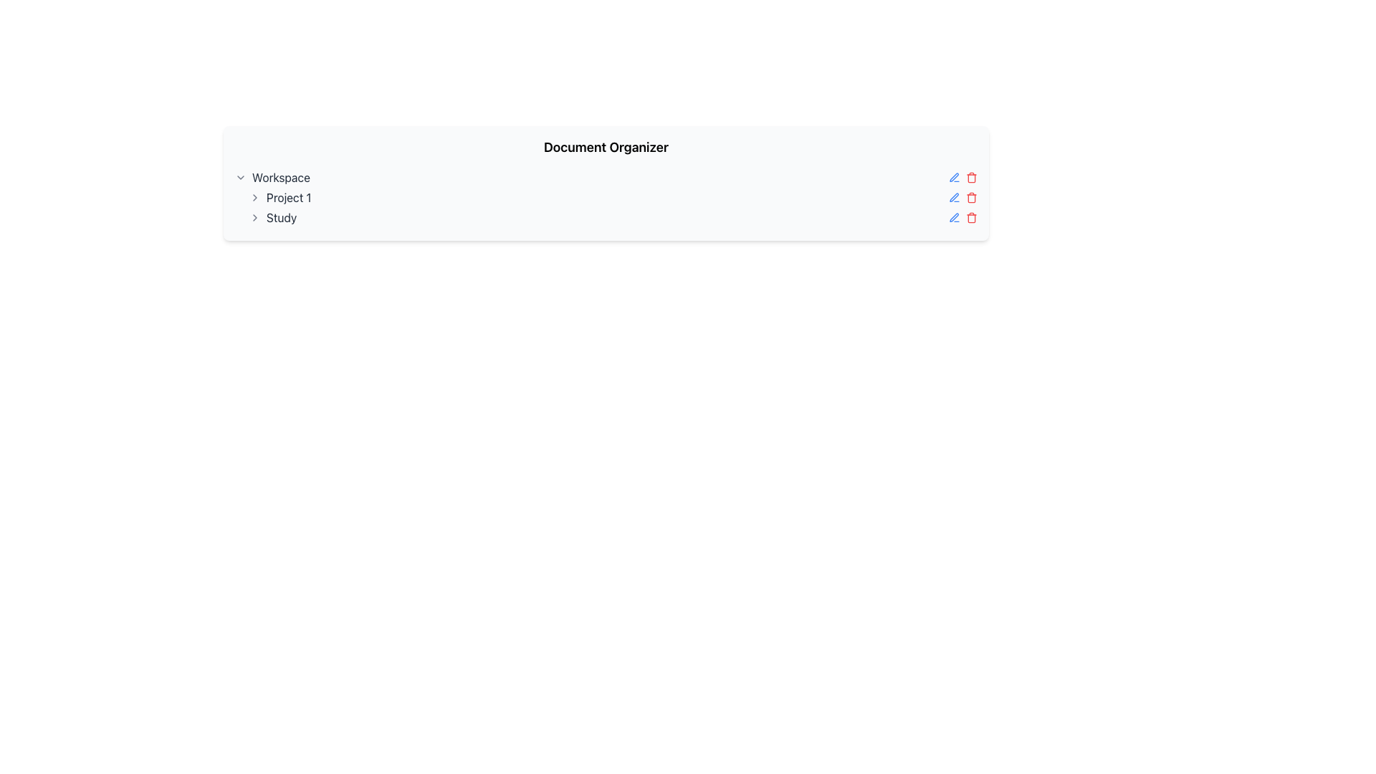  Describe the element at coordinates (254, 218) in the screenshot. I see `the chevron icon located to the left of the 'Study' text` at that location.